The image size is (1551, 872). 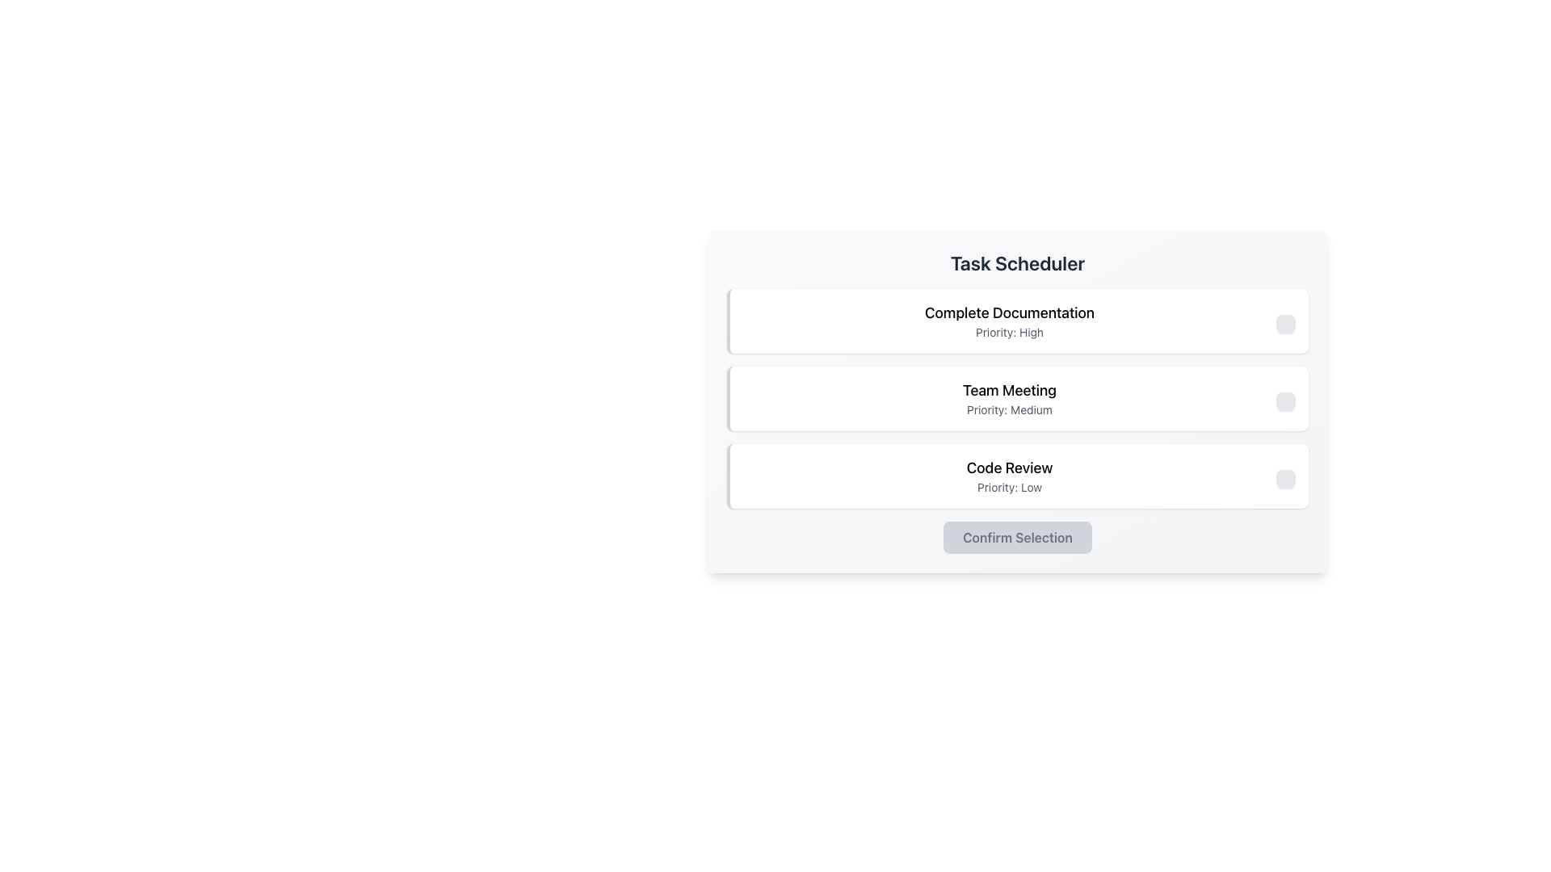 What do you see at coordinates (1008, 390) in the screenshot?
I see `the static text header for the task item in the 'Task Scheduler' section, which is positioned directly above 'Priority: Medium'` at bounding box center [1008, 390].